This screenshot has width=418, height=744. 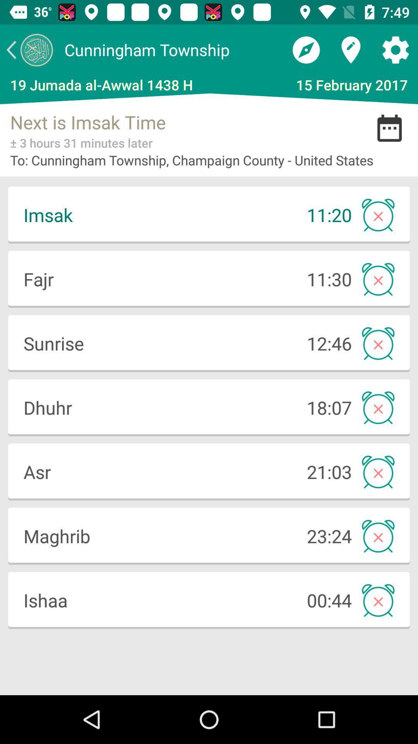 What do you see at coordinates (306, 49) in the screenshot?
I see `the explore icon` at bounding box center [306, 49].